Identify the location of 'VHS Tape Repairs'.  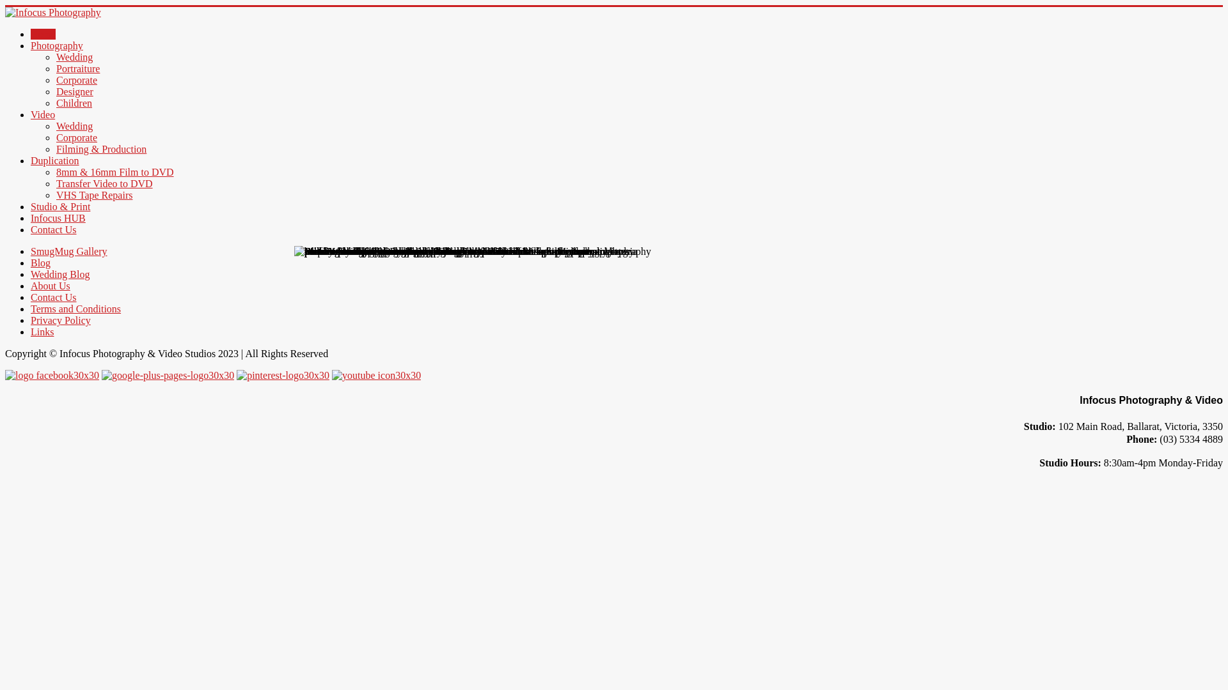
(93, 195).